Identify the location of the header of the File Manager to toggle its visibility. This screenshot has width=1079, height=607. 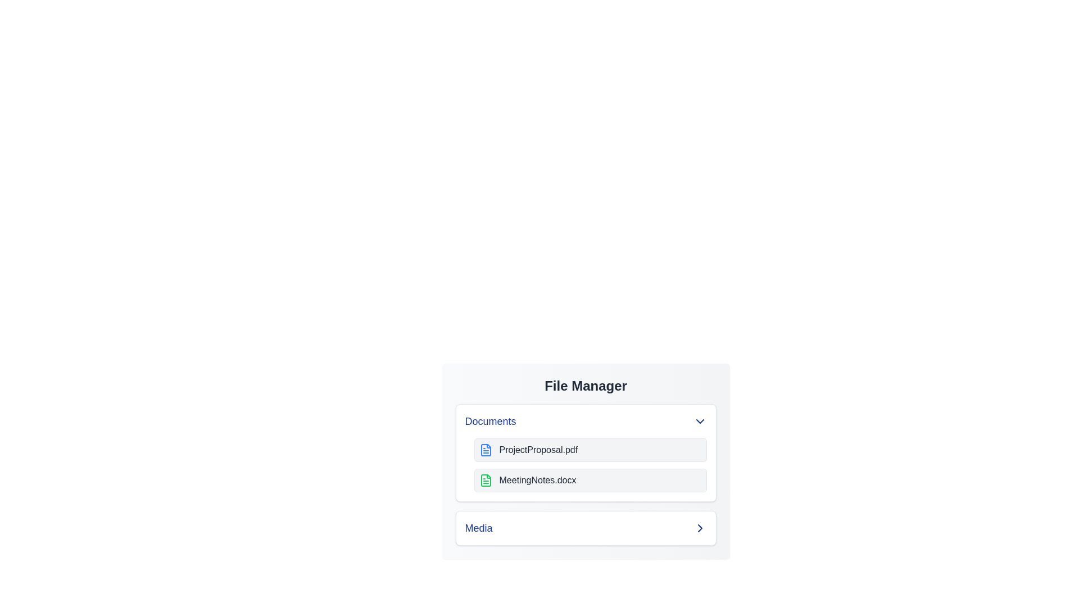
(585, 385).